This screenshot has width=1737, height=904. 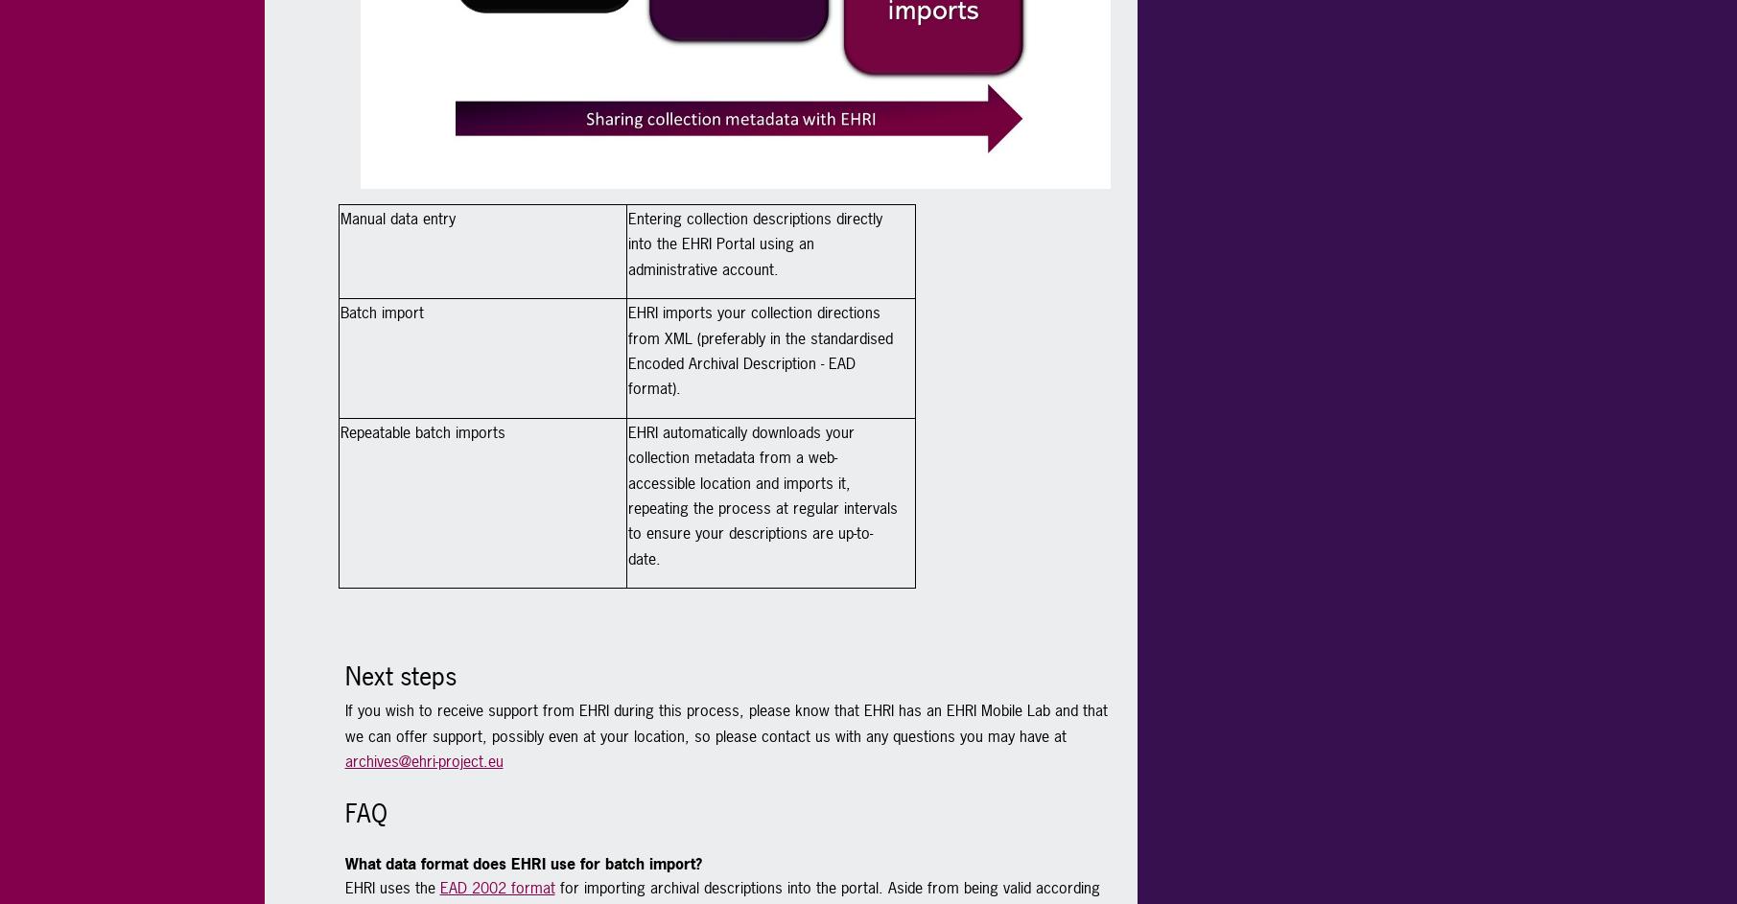 I want to click on 'EAD 2002 format', so click(x=495, y=887).